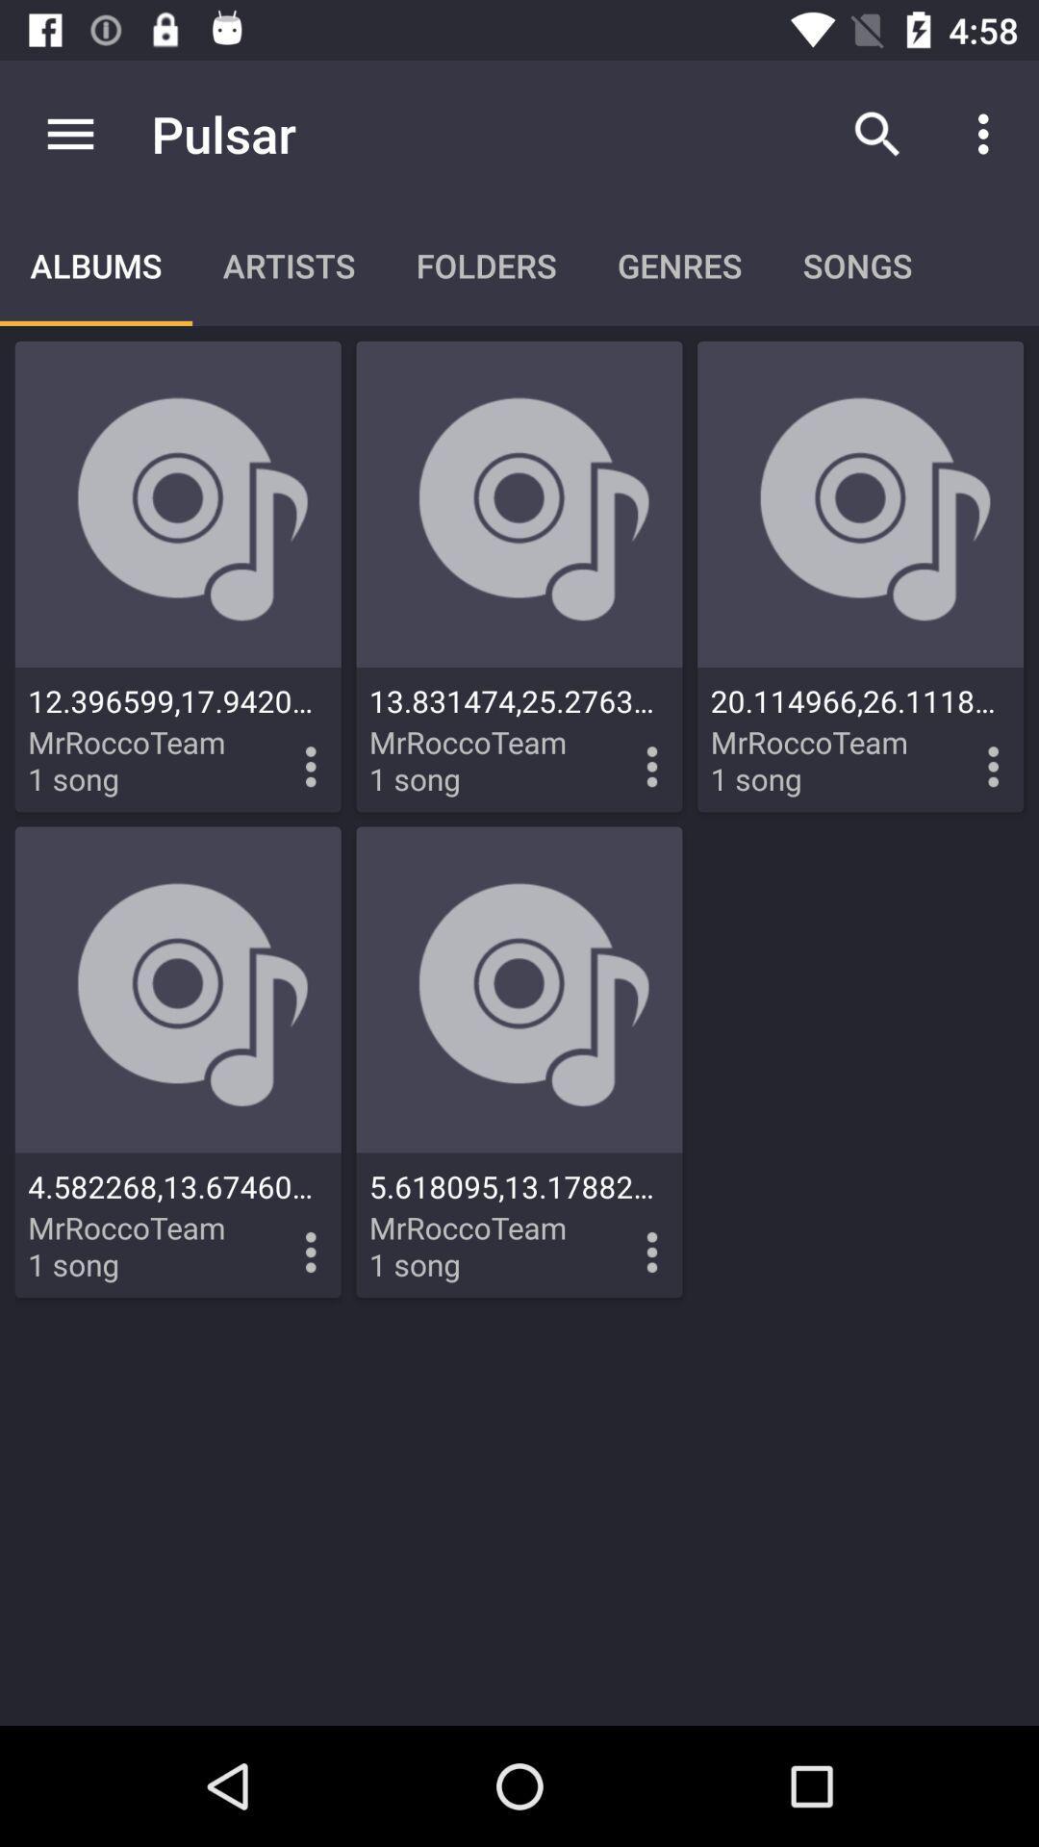  I want to click on icon to the right of pulsar item, so click(876, 133).